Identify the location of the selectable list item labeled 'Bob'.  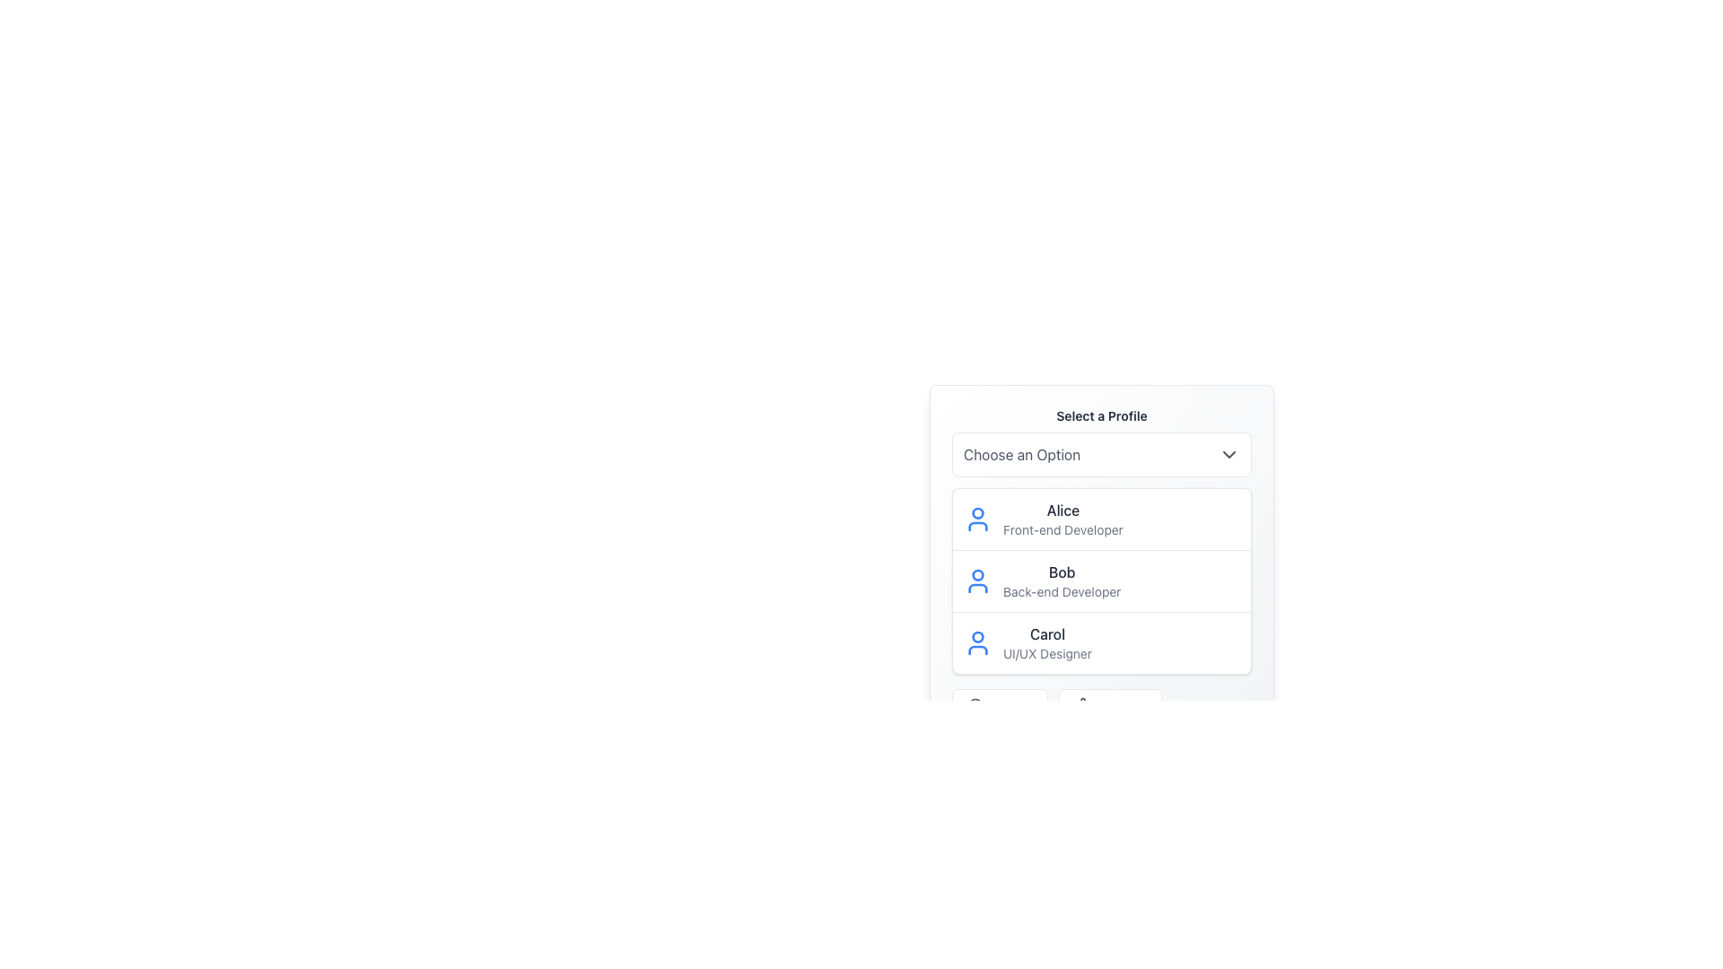
(1101, 563).